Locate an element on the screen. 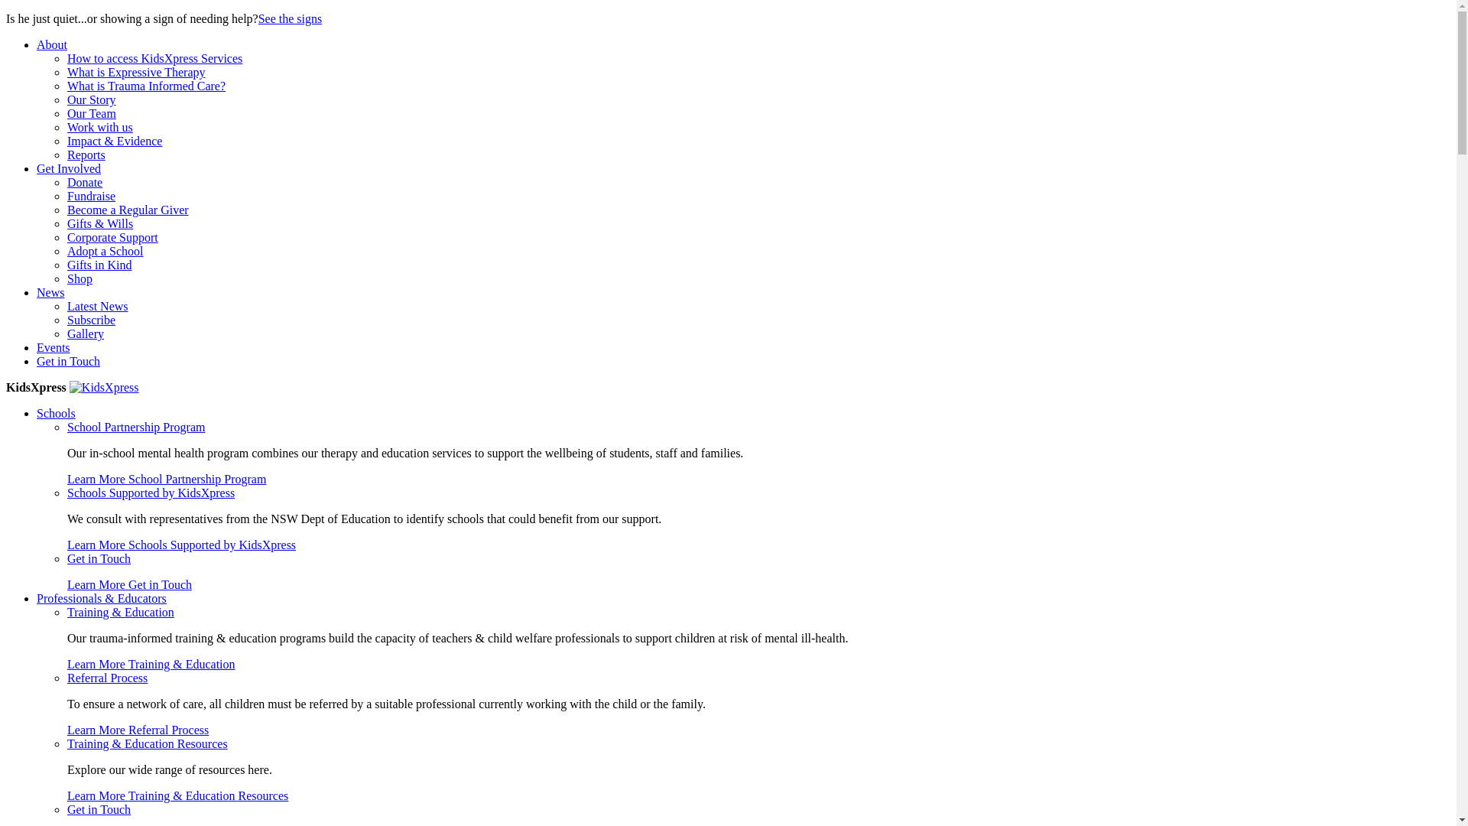  'Professionals & Educators' is located at coordinates (101, 597).